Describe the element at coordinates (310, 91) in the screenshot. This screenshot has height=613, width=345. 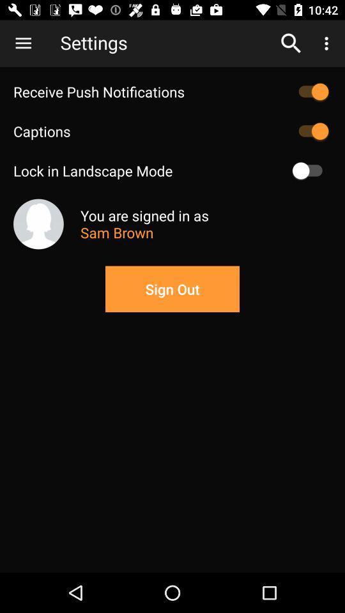
I see `the button right to the receive push notifications` at that location.